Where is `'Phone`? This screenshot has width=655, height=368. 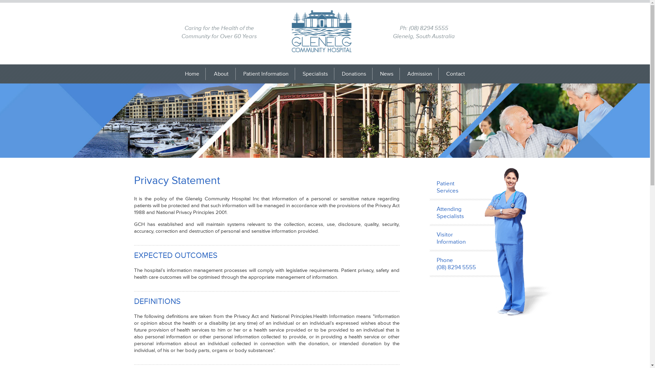
'Phone is located at coordinates (474, 264).